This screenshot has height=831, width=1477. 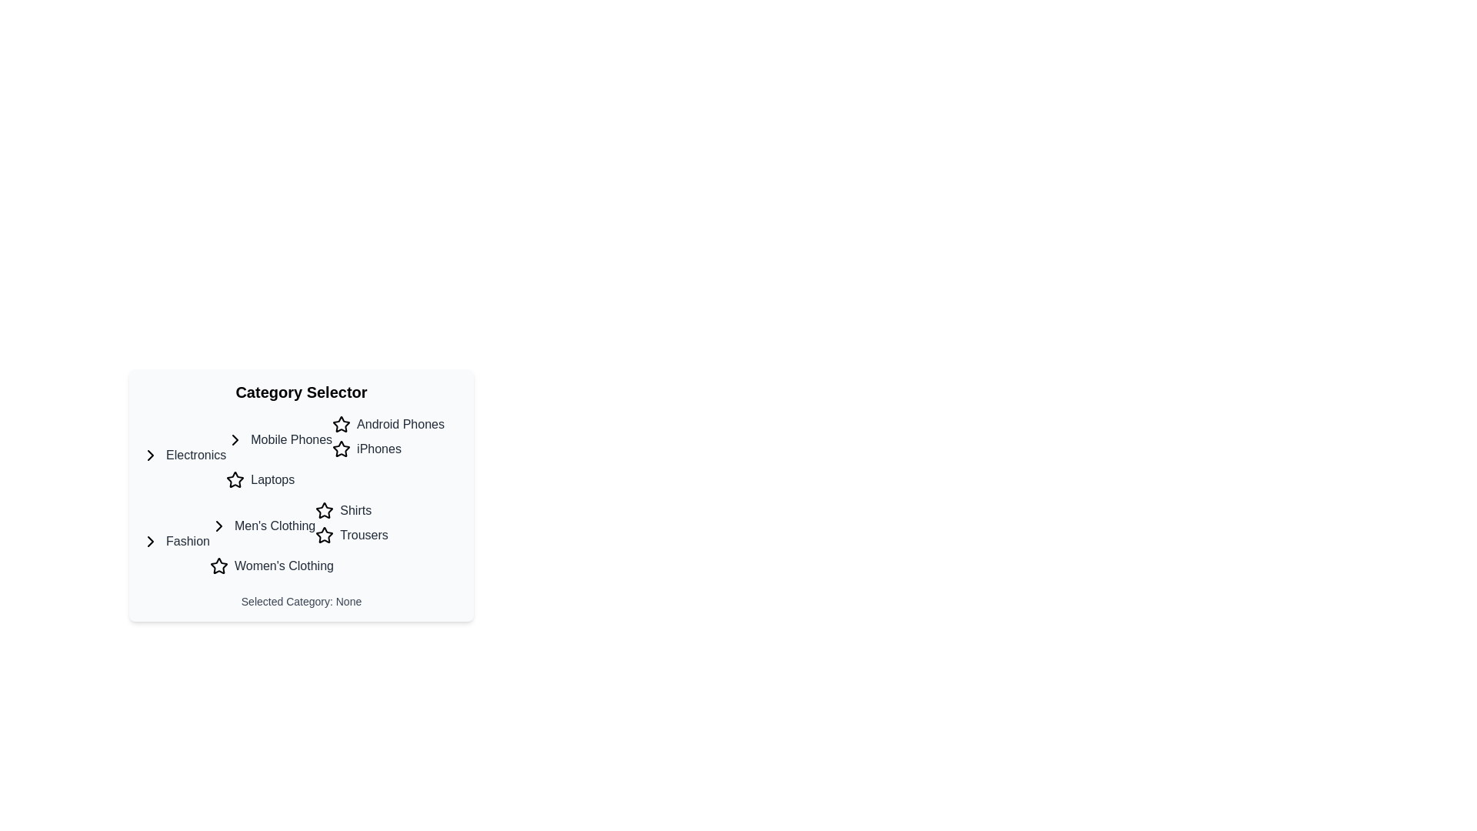 What do you see at coordinates (151, 541) in the screenshot?
I see `the right-chevron icon represented by a '>' that is associated with expanding or navigating into the 'Fashion' category, located slightly to the left of the 'Fashion' text label` at bounding box center [151, 541].